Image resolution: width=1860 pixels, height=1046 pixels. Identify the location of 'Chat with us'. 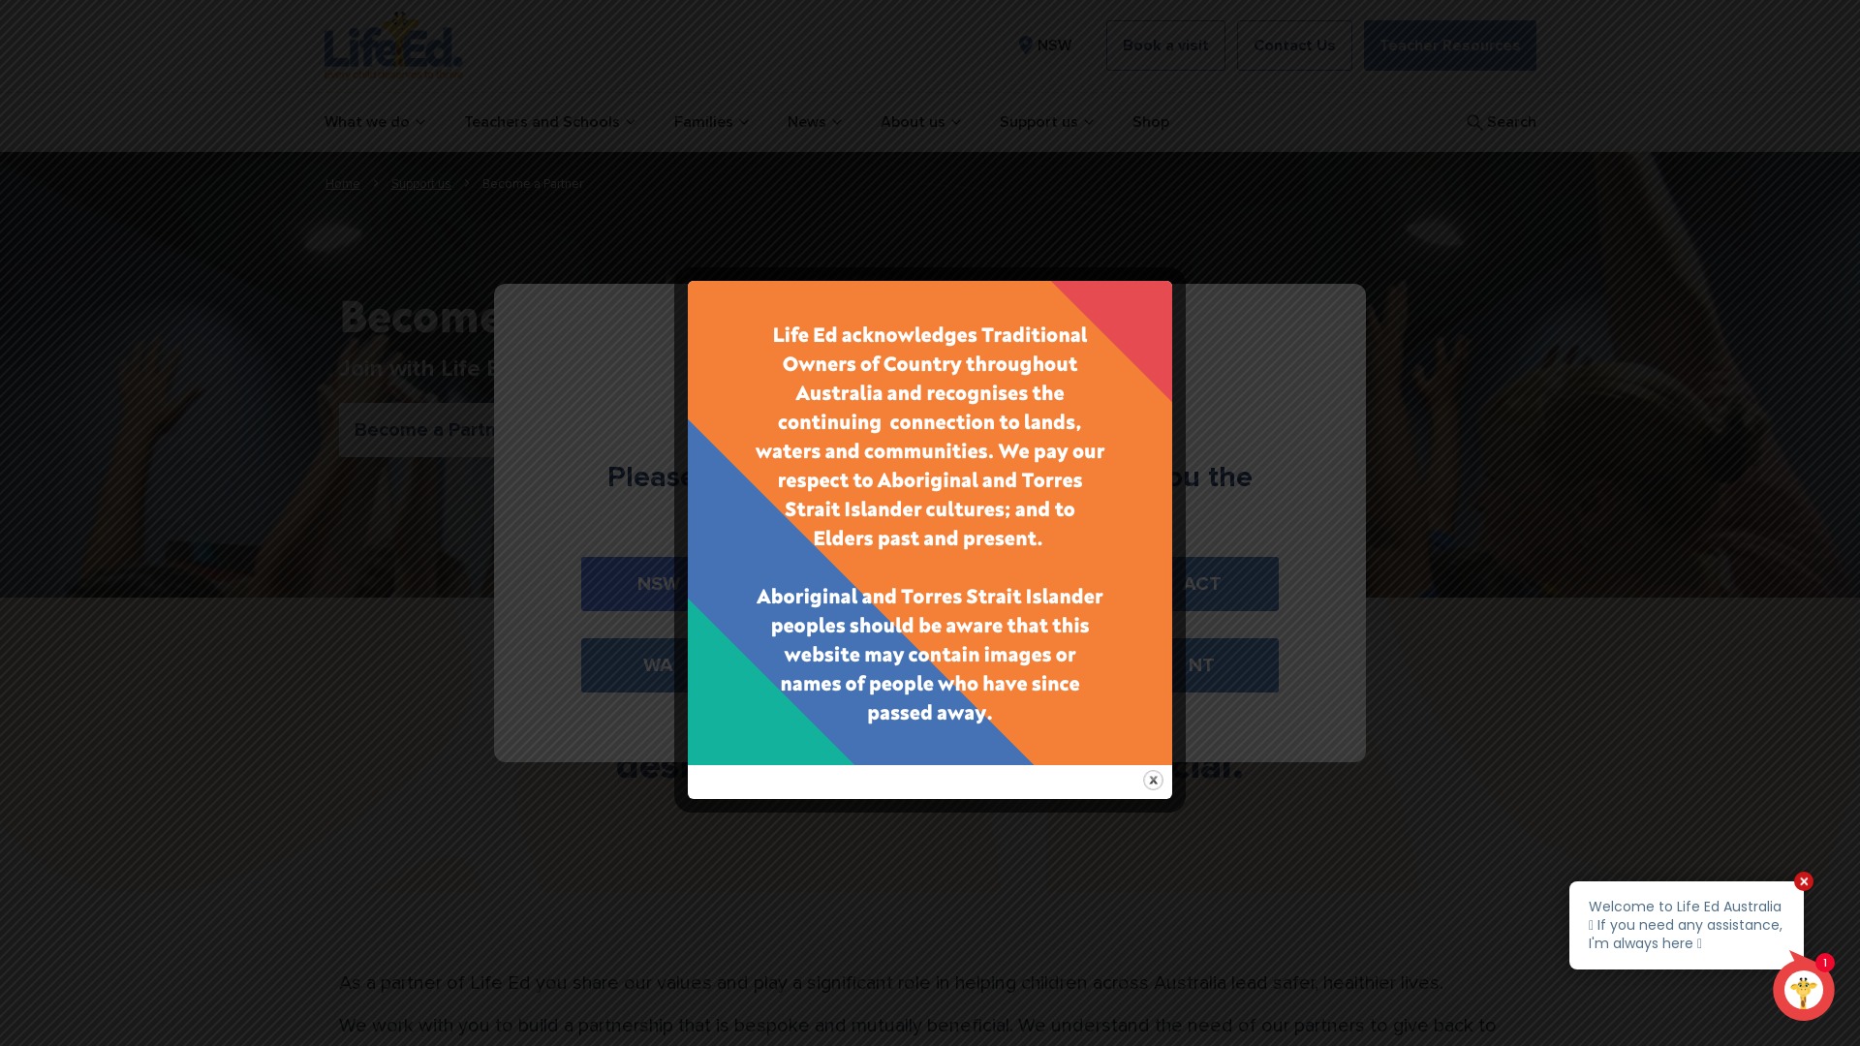
(1554, 950).